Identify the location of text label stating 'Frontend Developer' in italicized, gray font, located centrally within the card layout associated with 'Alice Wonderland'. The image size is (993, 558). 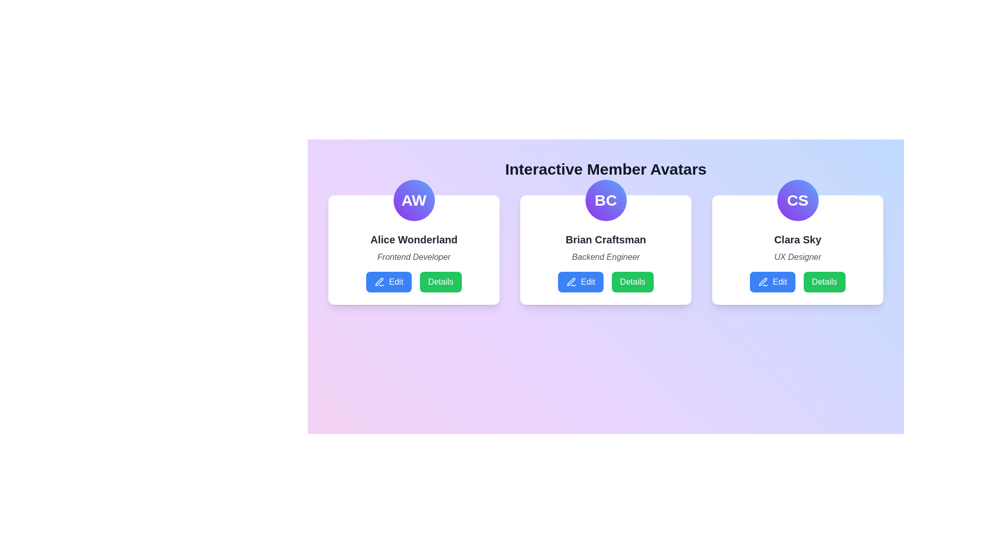
(414, 256).